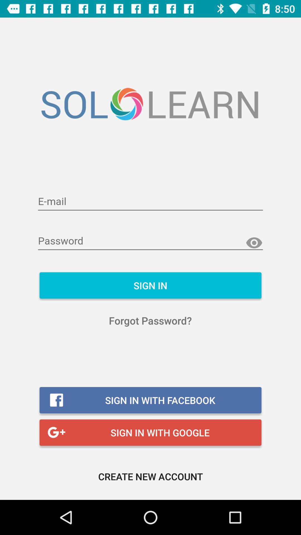  I want to click on your password, so click(151, 241).